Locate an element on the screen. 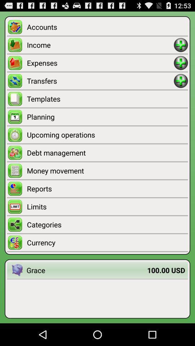 This screenshot has height=346, width=195. planning is located at coordinates (107, 117).